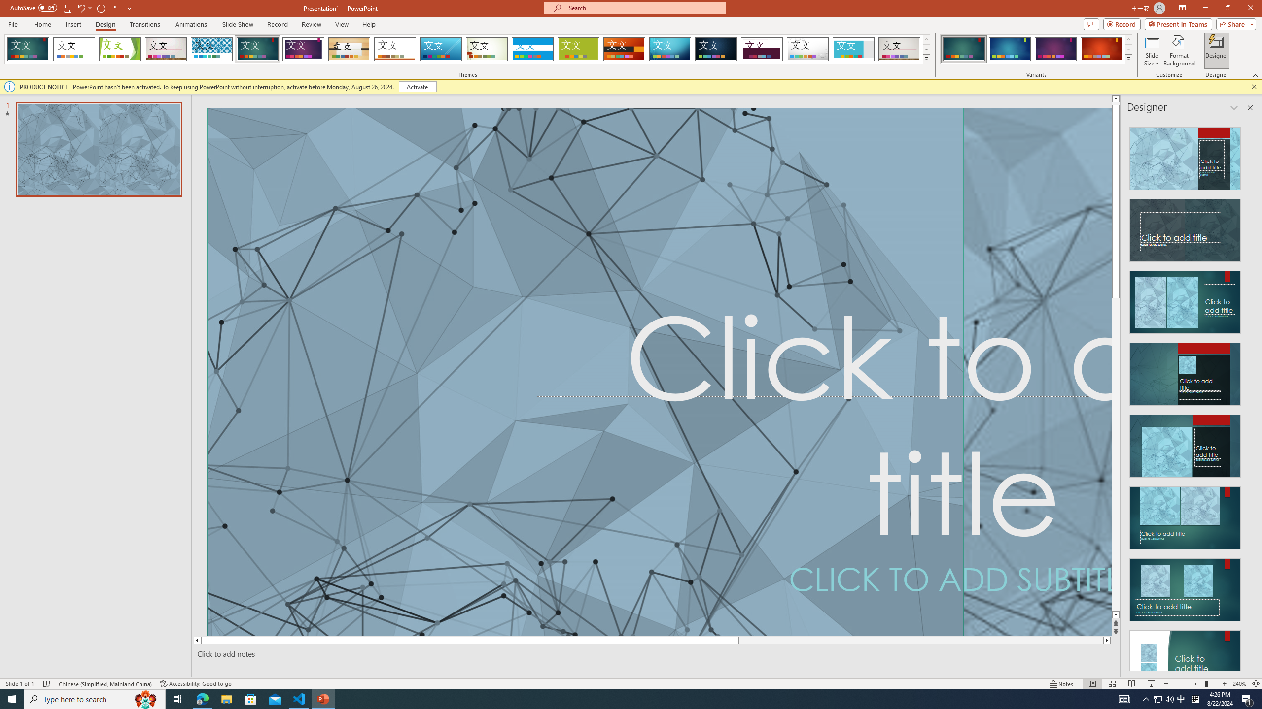 The image size is (1262, 709). What do you see at coordinates (1101, 49) in the screenshot?
I see `'Ion Variant 4'` at bounding box center [1101, 49].